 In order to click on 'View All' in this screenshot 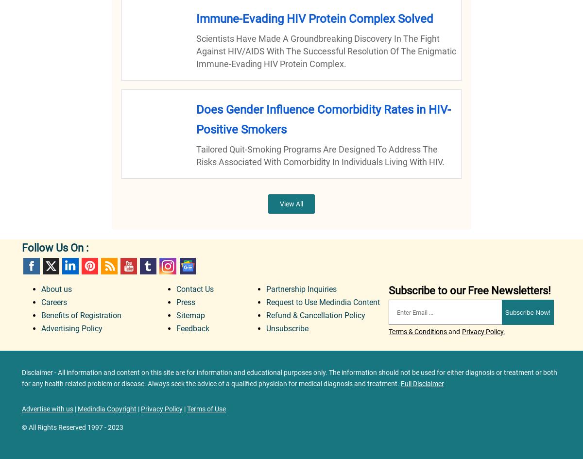, I will do `click(279, 204)`.